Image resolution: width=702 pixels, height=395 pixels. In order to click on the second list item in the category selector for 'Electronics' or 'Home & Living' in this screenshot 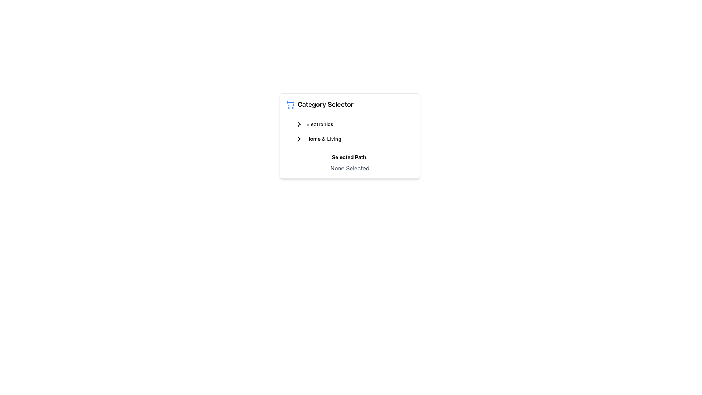, I will do `click(349, 131)`.